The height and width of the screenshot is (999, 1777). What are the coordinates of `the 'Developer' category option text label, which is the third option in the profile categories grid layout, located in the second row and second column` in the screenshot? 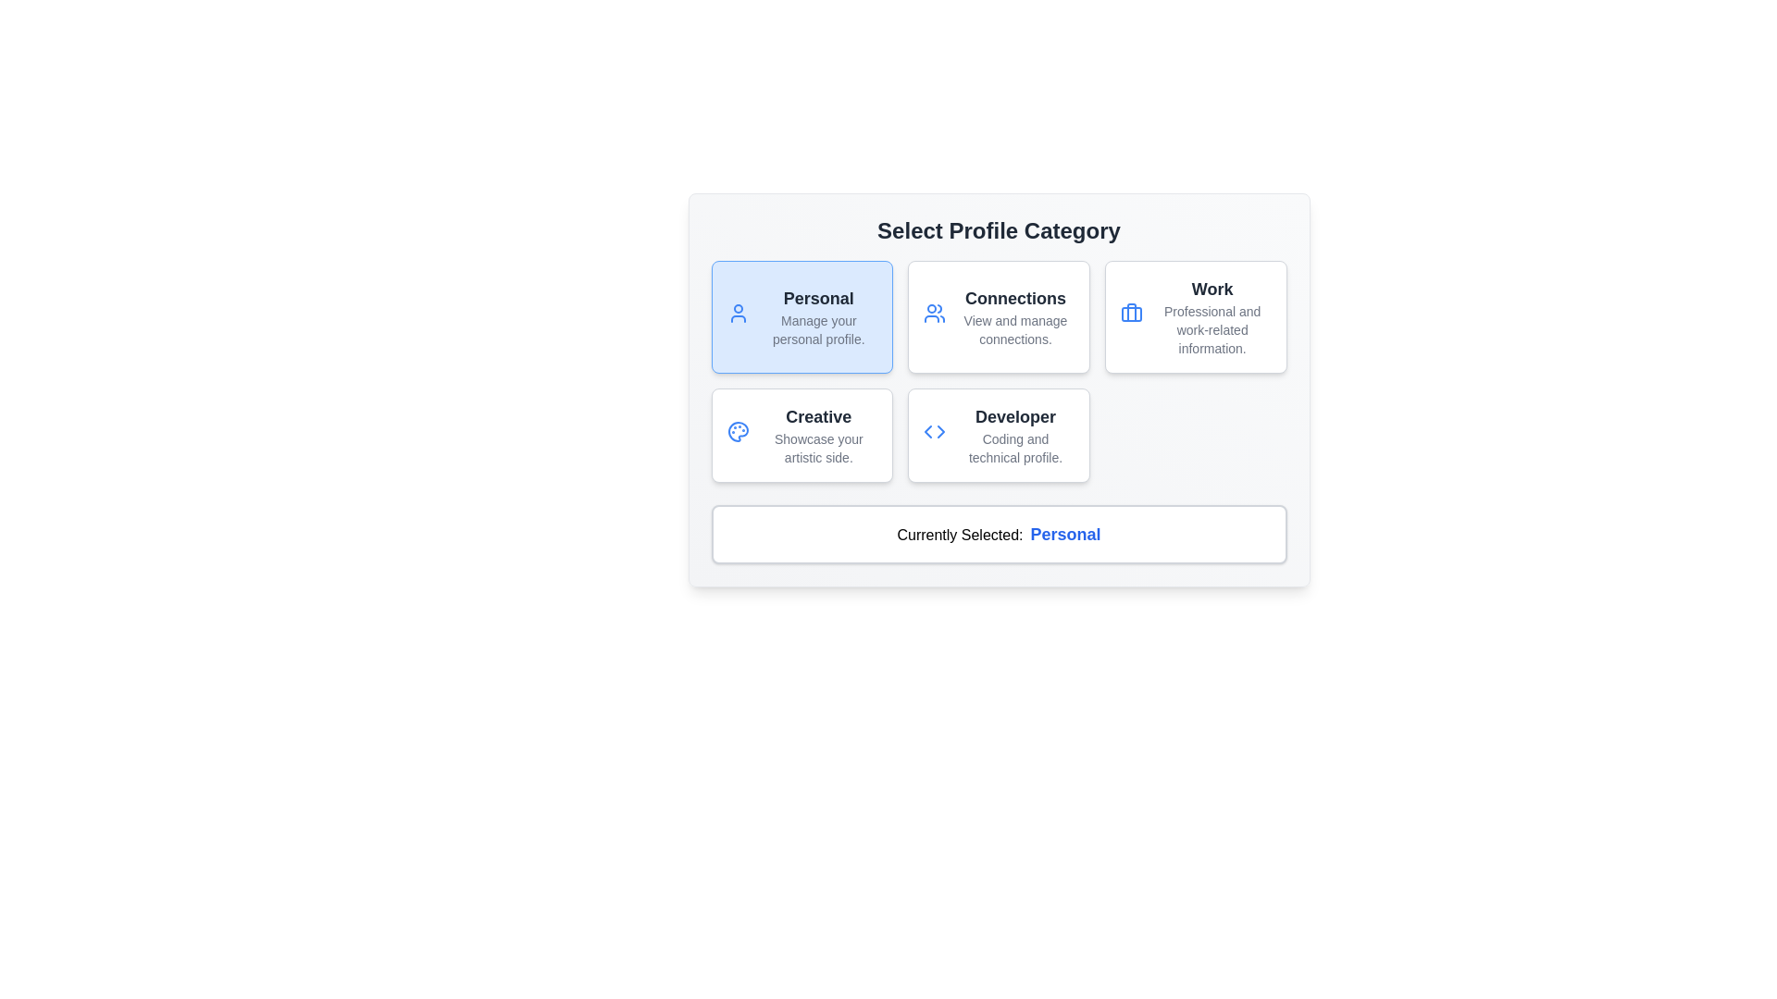 It's located at (1014, 435).